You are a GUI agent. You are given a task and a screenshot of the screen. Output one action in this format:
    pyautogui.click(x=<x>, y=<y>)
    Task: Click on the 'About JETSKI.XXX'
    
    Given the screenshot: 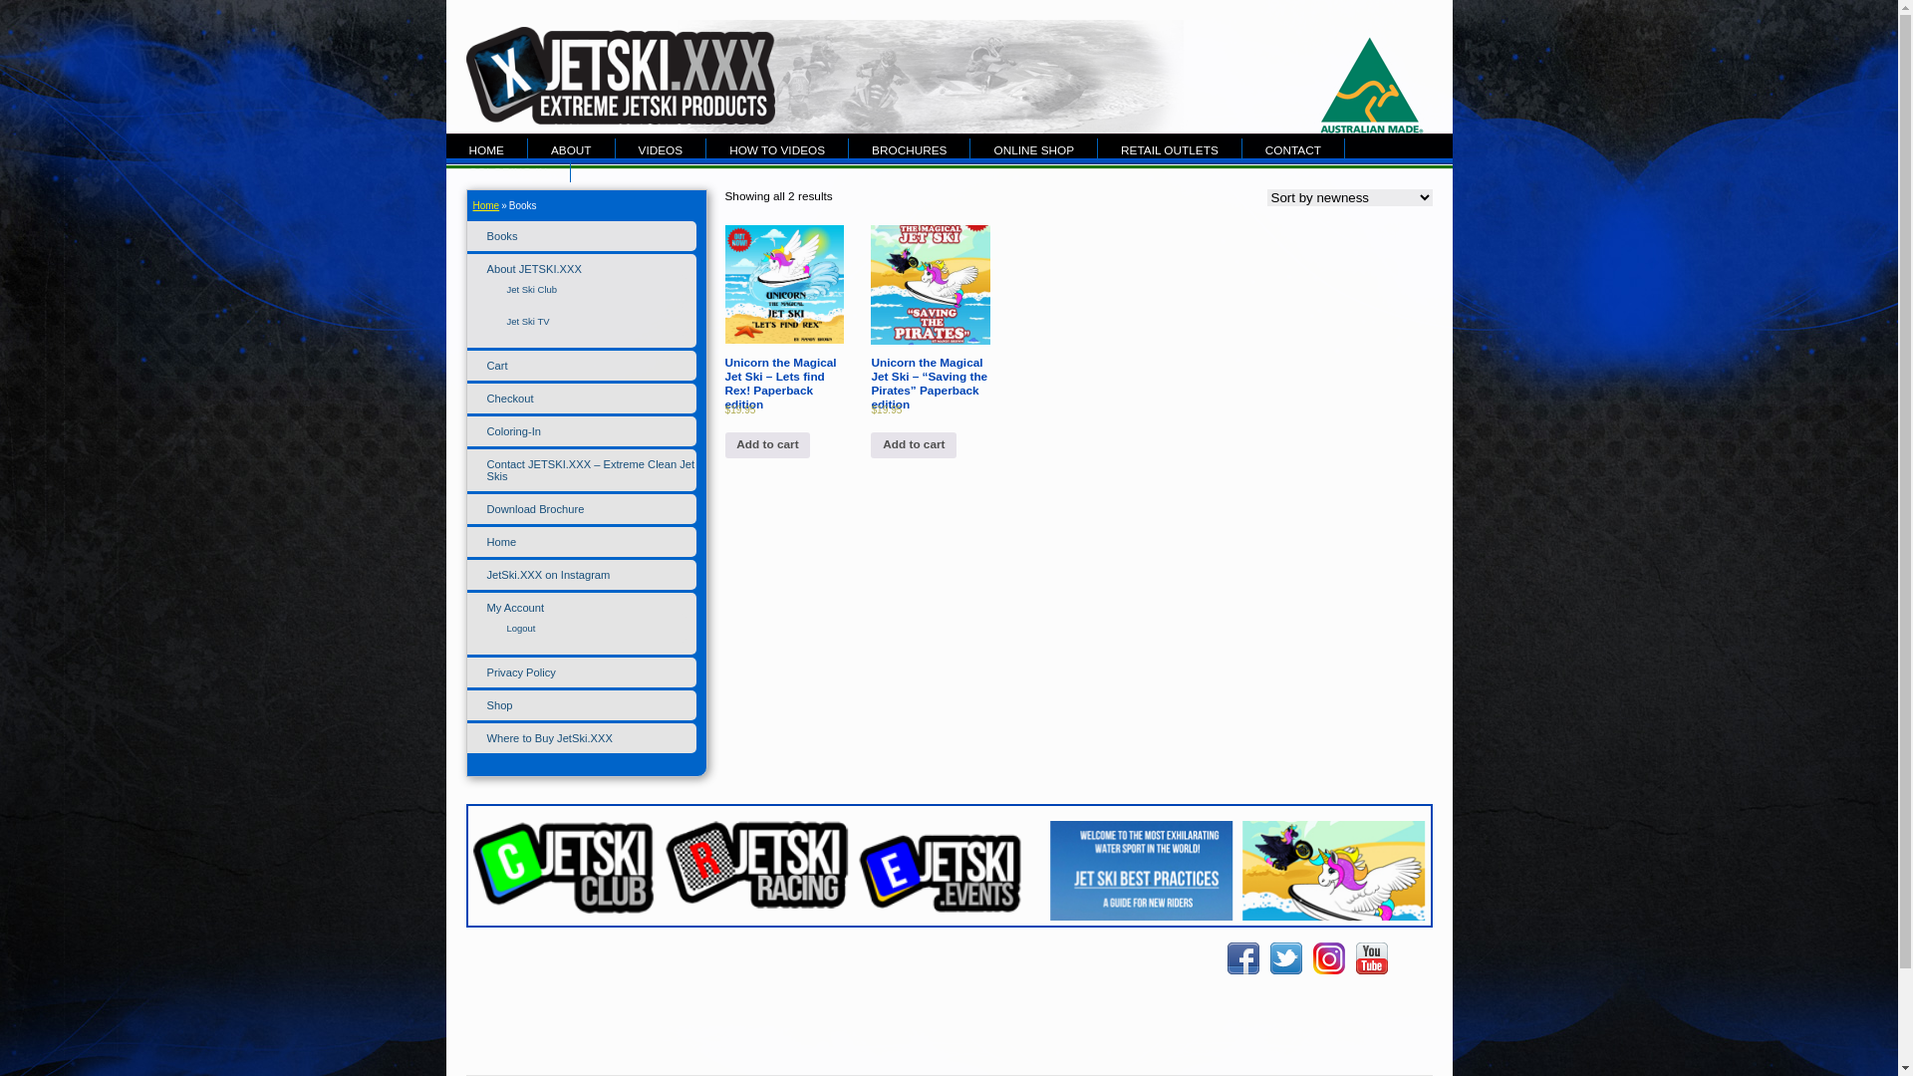 What is the action you would take?
    pyautogui.click(x=486, y=269)
    